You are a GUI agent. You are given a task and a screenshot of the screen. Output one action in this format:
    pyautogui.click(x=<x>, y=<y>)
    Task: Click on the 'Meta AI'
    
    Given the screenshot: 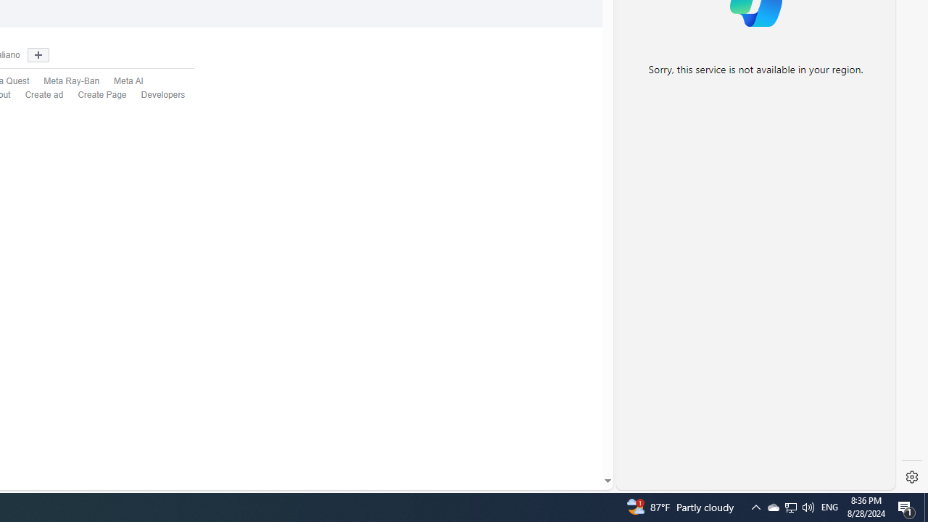 What is the action you would take?
    pyautogui.click(x=121, y=82)
    